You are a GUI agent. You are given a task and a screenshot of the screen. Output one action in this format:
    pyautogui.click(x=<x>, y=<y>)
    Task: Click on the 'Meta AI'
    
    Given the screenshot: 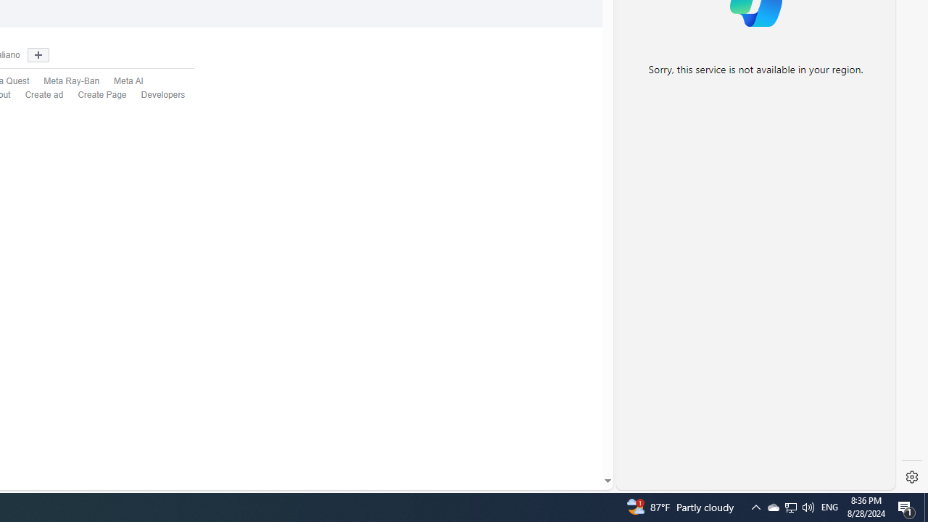 What is the action you would take?
    pyautogui.click(x=121, y=82)
    